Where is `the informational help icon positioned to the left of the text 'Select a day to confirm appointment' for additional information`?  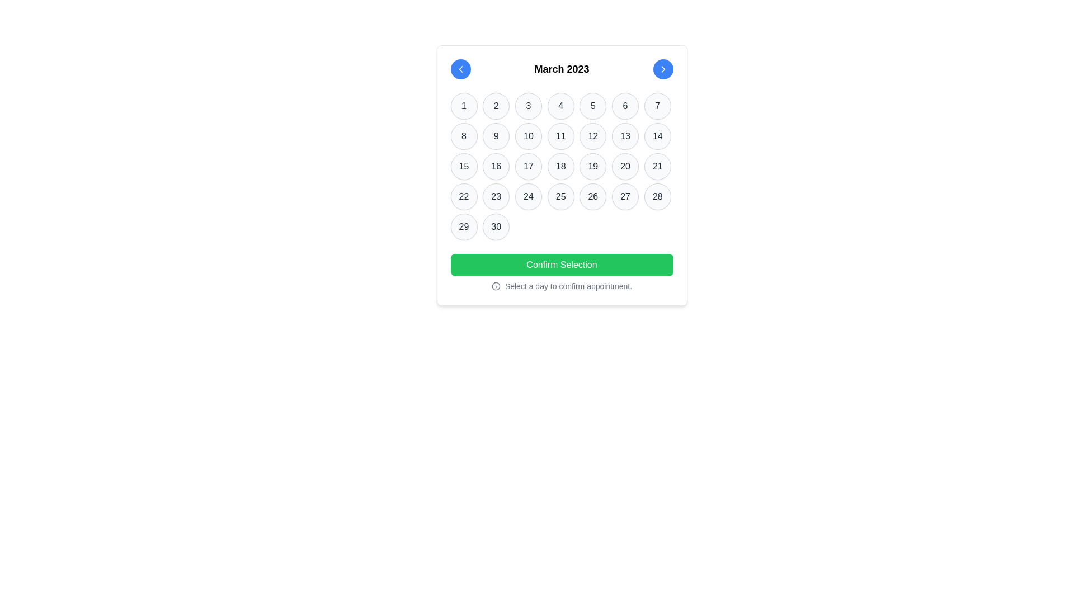 the informational help icon positioned to the left of the text 'Select a day to confirm appointment' for additional information is located at coordinates (495, 286).